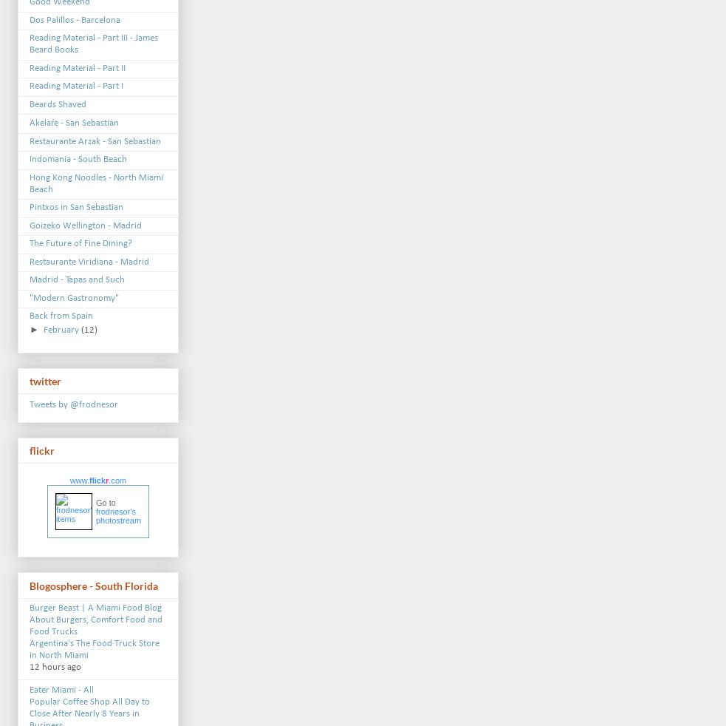  I want to click on 'Eater Miami -  All', so click(61, 690).